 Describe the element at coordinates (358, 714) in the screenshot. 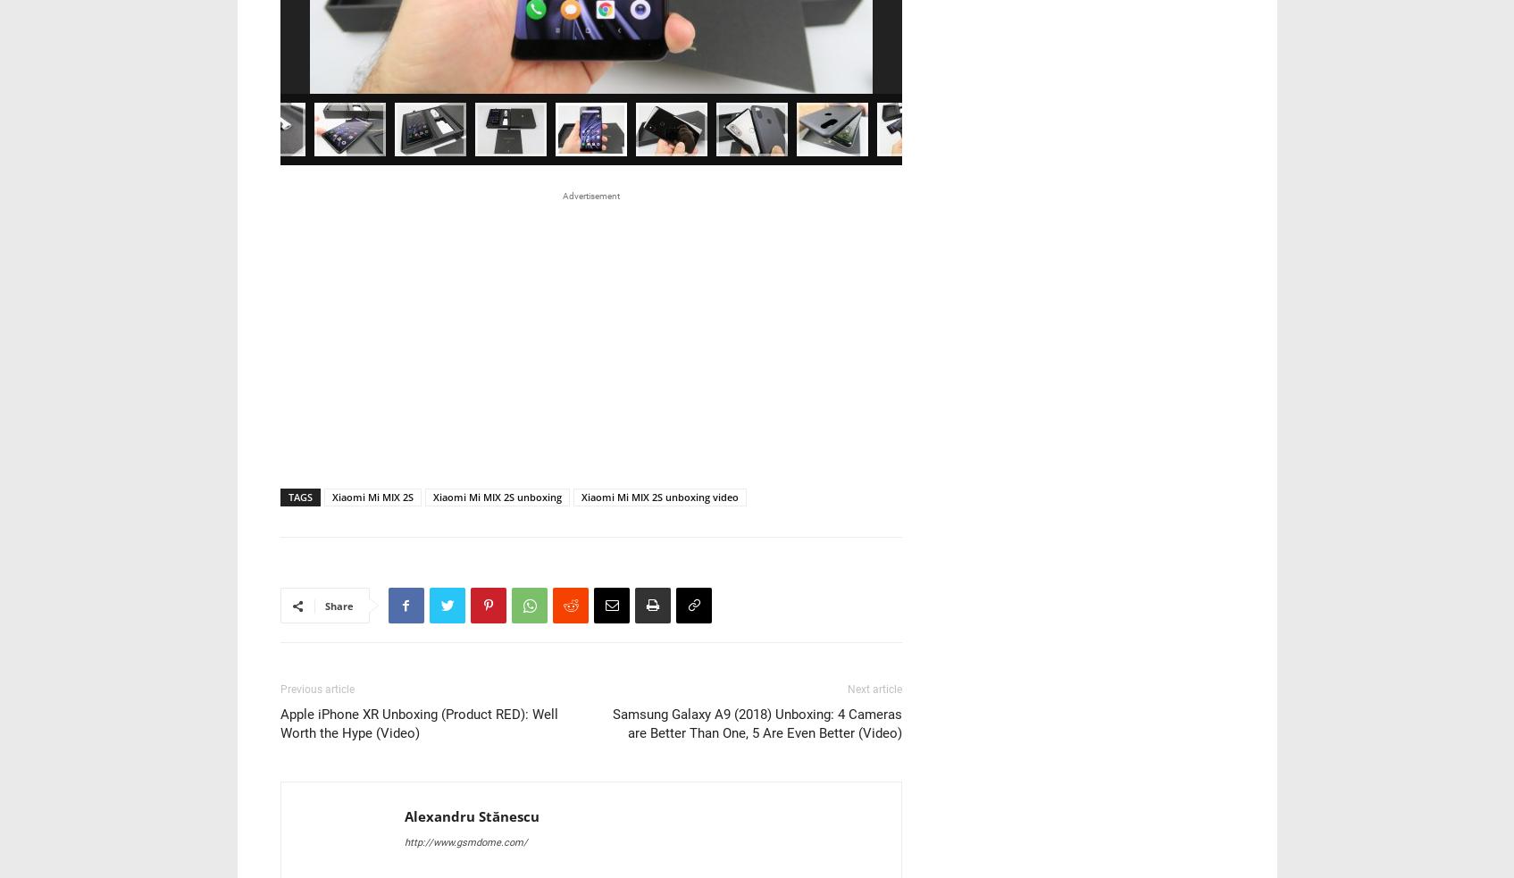

I see `'RELATED ARTICLES'` at that location.